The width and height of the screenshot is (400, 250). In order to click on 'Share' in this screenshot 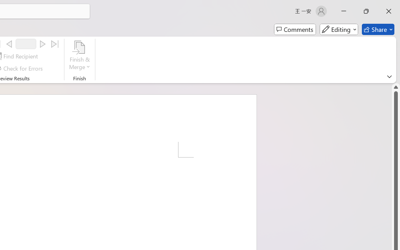, I will do `click(378, 29)`.